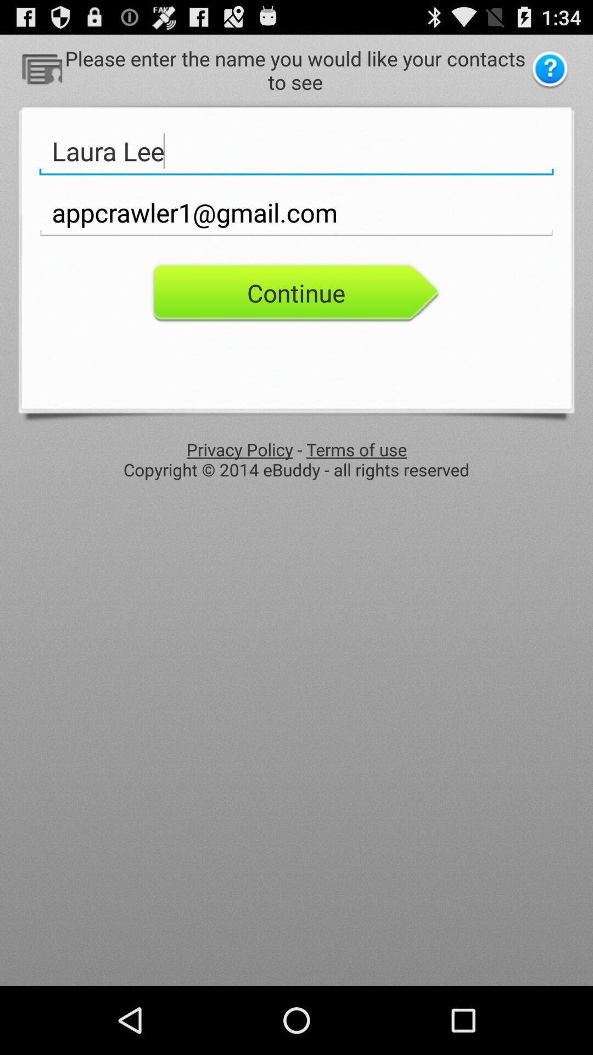 This screenshot has height=1055, width=593. I want to click on the help icon, so click(550, 74).